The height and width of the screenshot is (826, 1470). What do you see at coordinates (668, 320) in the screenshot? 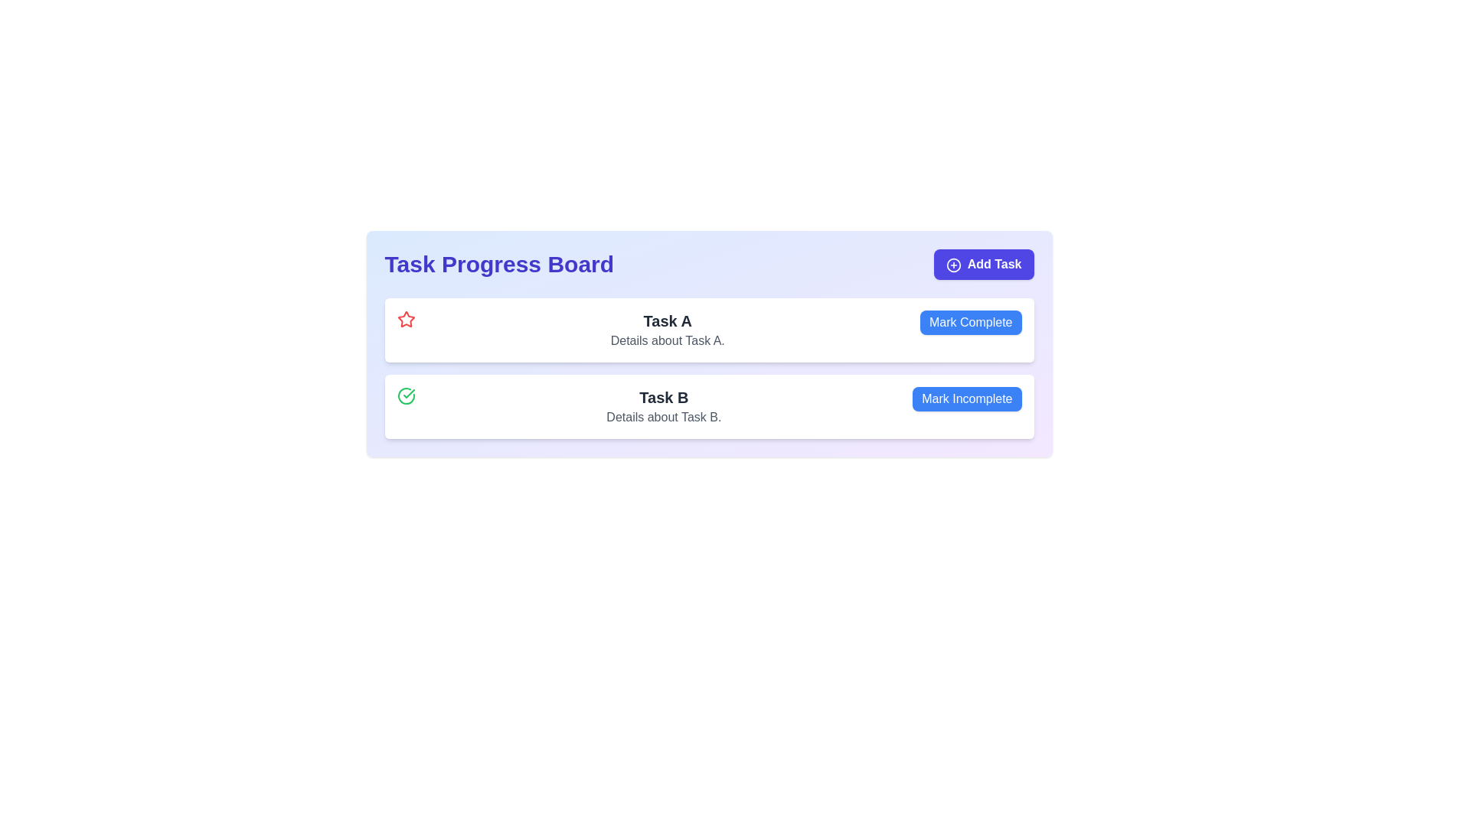
I see `the main title text display of the task, which is located in the first task card, above the secondary text 'Details about Task A.' and between the left-side star icon and the right-side 'Mark Complete' button` at bounding box center [668, 320].